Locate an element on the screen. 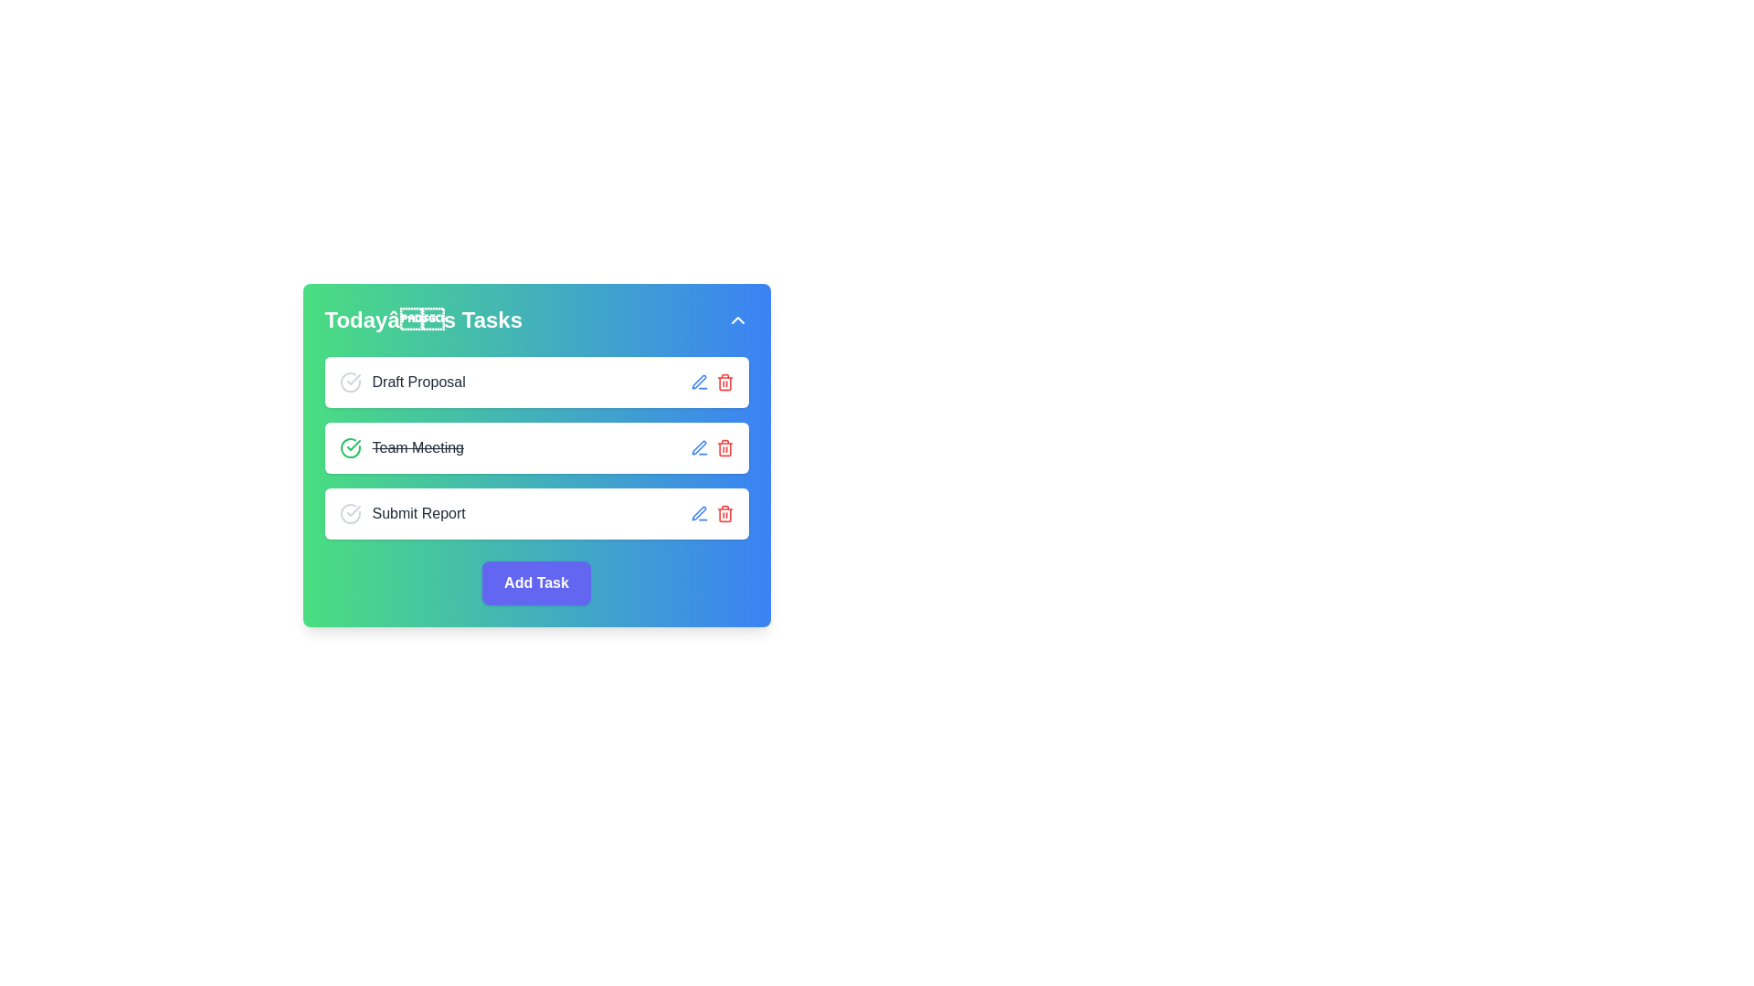 The width and height of the screenshot is (1754, 986). the Collapse/Expand icon (Chevron) which is an upward-pointing arrow located on the far right within the header bar of the 'Today's Tasks' section is located at coordinates (737, 320).